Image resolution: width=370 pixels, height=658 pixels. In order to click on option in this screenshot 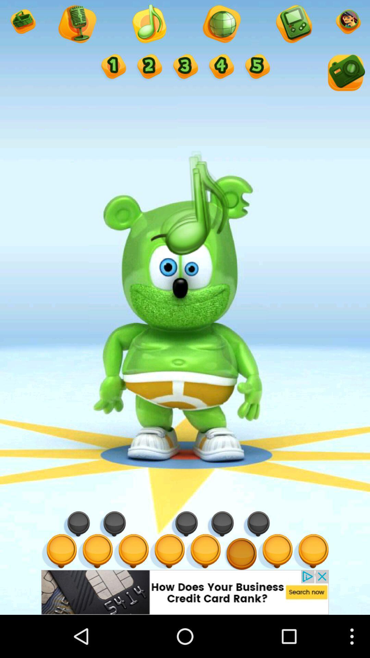, I will do `click(22, 22)`.